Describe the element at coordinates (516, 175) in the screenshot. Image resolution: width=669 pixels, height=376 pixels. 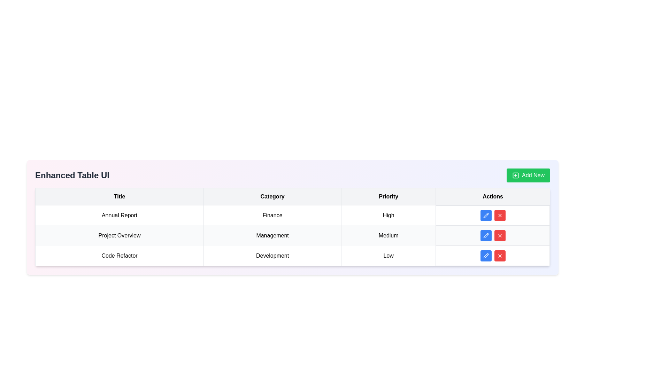
I see `the icon representing the action to add new content, located within the 'Add New' button at the top-right corner of the main interface` at that location.